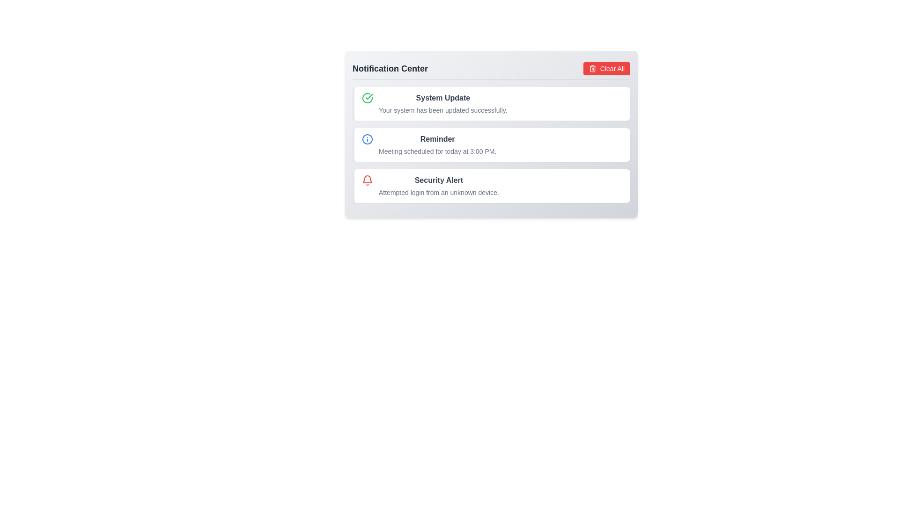 The image size is (899, 505). Describe the element at coordinates (442, 98) in the screenshot. I see `the Text label that serves as the title of the notification message, located at the top of the notification panel above the descriptive text about the system update` at that location.